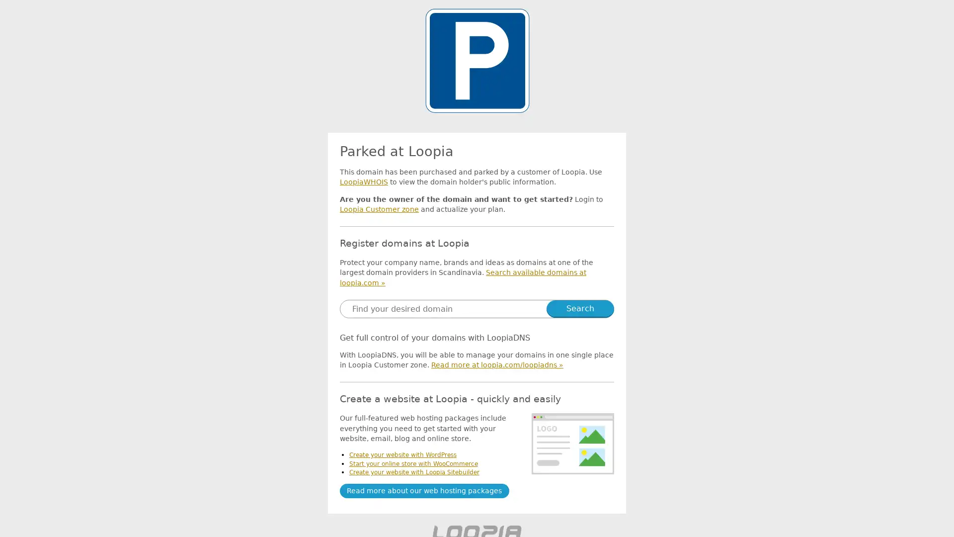 This screenshot has width=954, height=537. I want to click on Search, so click(580, 308).